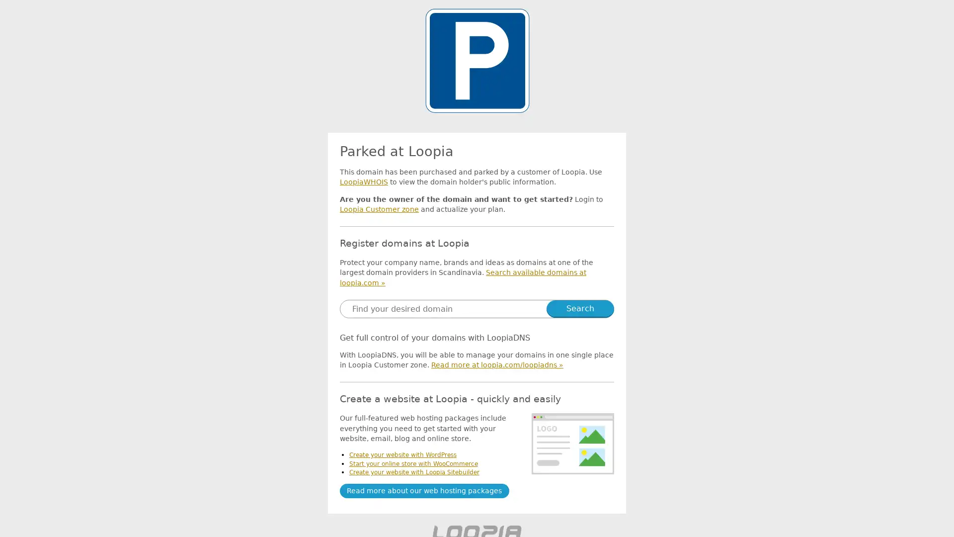 This screenshot has width=954, height=537. I want to click on Search, so click(580, 308).